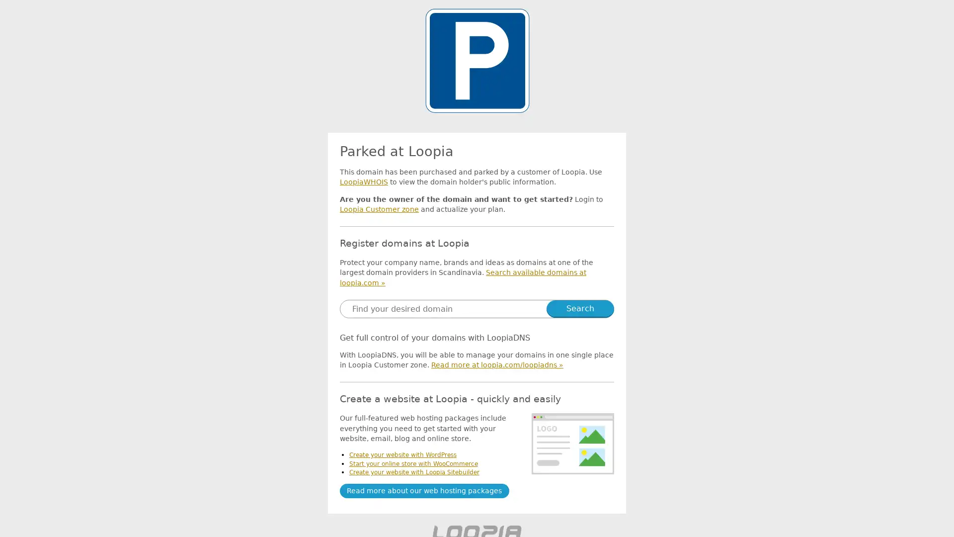 This screenshot has width=954, height=537. I want to click on Search, so click(580, 308).